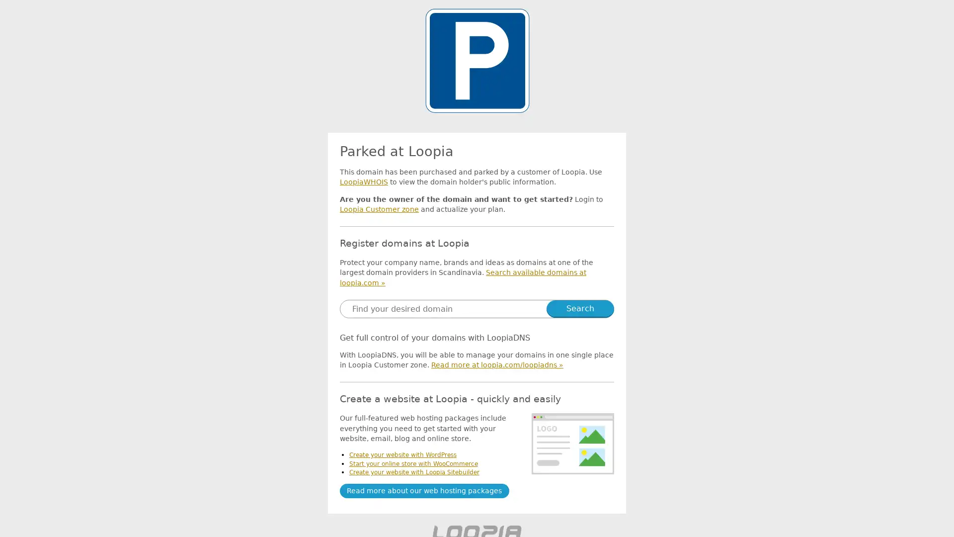 This screenshot has width=954, height=537. I want to click on Search, so click(580, 308).